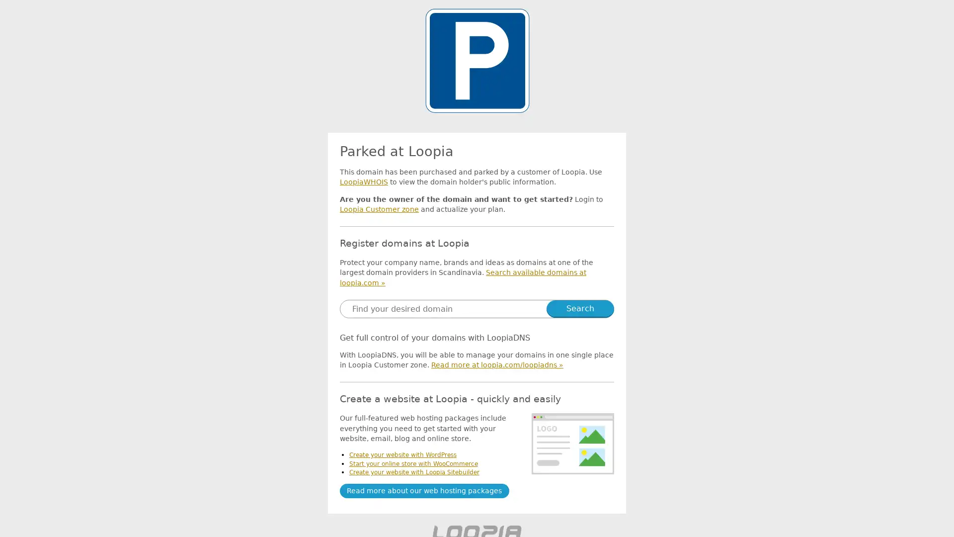 This screenshot has width=954, height=537. I want to click on Search, so click(580, 308).